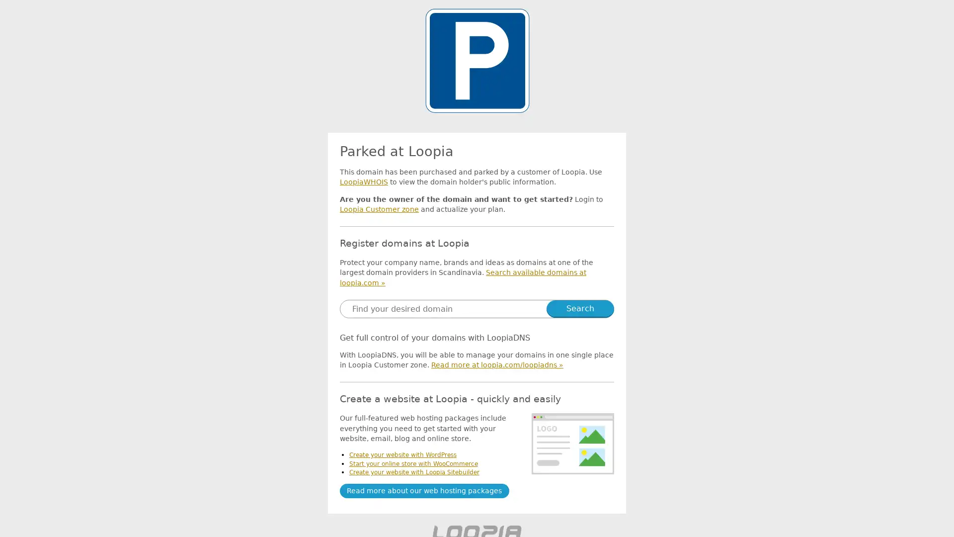 This screenshot has width=954, height=537. I want to click on Search, so click(580, 308).